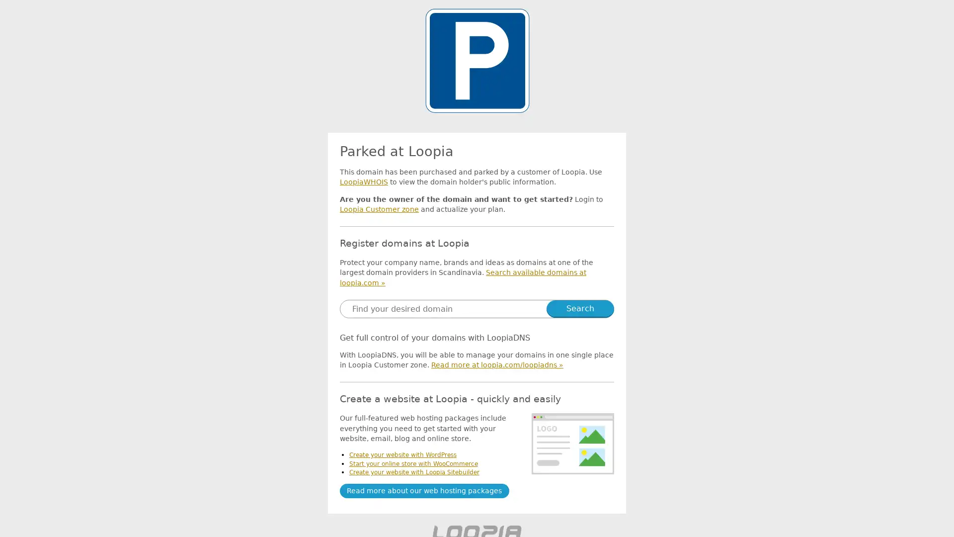 This screenshot has width=954, height=537. I want to click on Search, so click(580, 308).